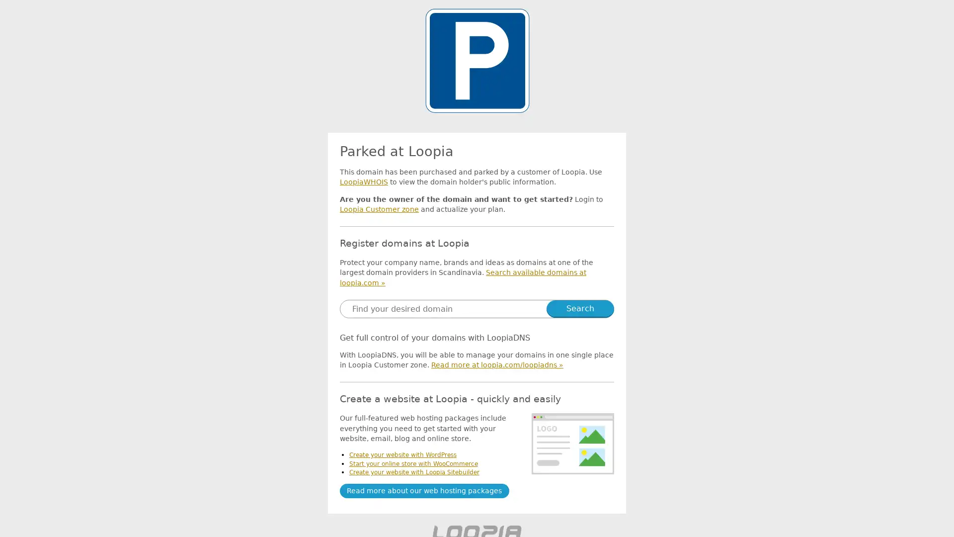 This screenshot has width=954, height=537. I want to click on Search, so click(580, 308).